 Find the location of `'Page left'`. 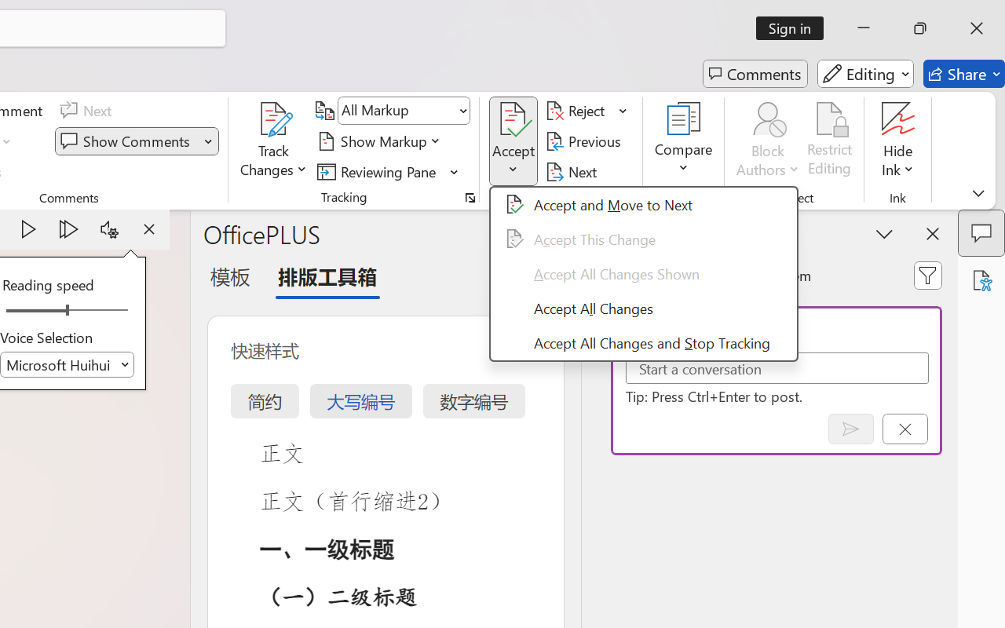

'Page left' is located at coordinates (31, 310).